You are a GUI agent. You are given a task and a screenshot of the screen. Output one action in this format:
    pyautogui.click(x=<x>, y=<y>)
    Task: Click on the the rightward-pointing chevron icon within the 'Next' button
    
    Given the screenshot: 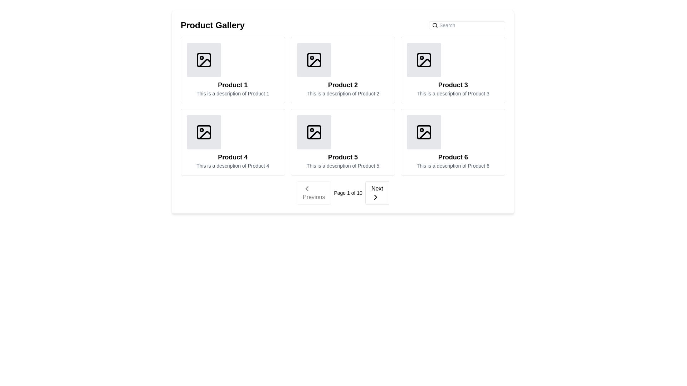 What is the action you would take?
    pyautogui.click(x=375, y=197)
    